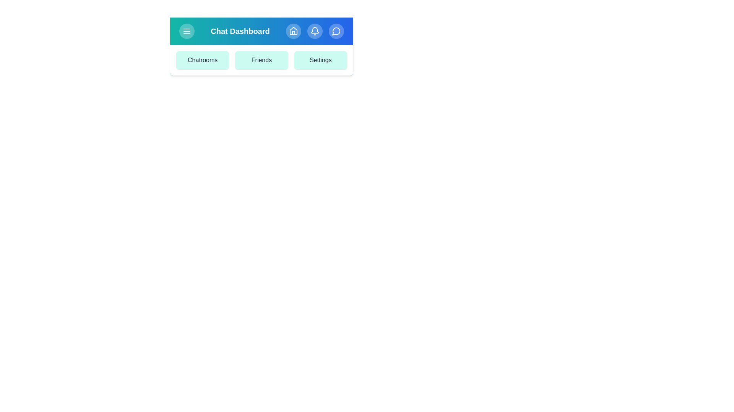 Image resolution: width=734 pixels, height=412 pixels. I want to click on the menu item Chatrooms, so click(202, 60).